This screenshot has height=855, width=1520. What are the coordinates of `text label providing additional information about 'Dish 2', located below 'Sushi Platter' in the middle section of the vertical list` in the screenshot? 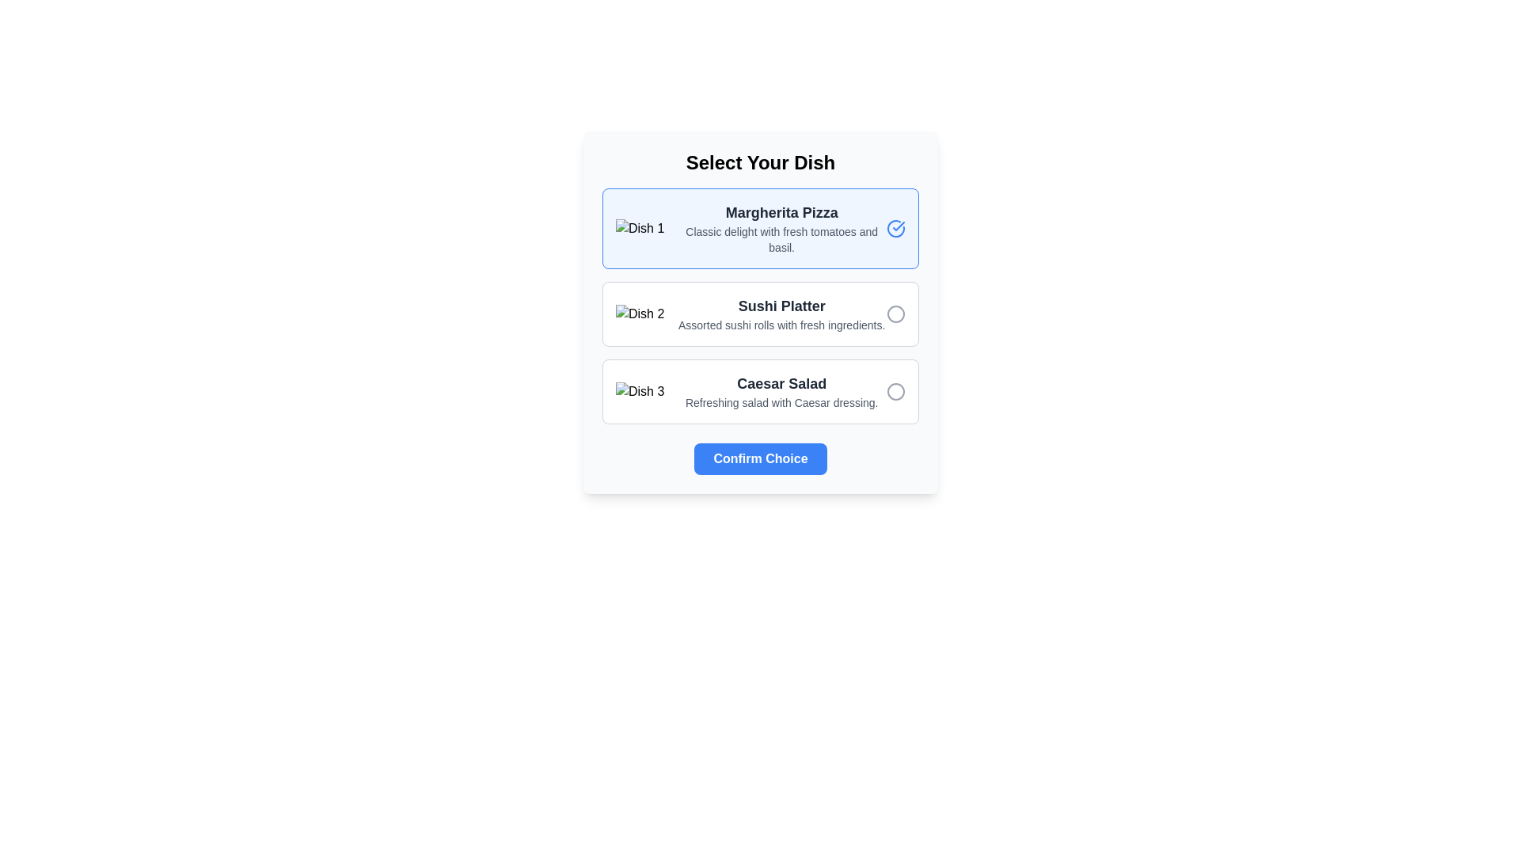 It's located at (781, 325).